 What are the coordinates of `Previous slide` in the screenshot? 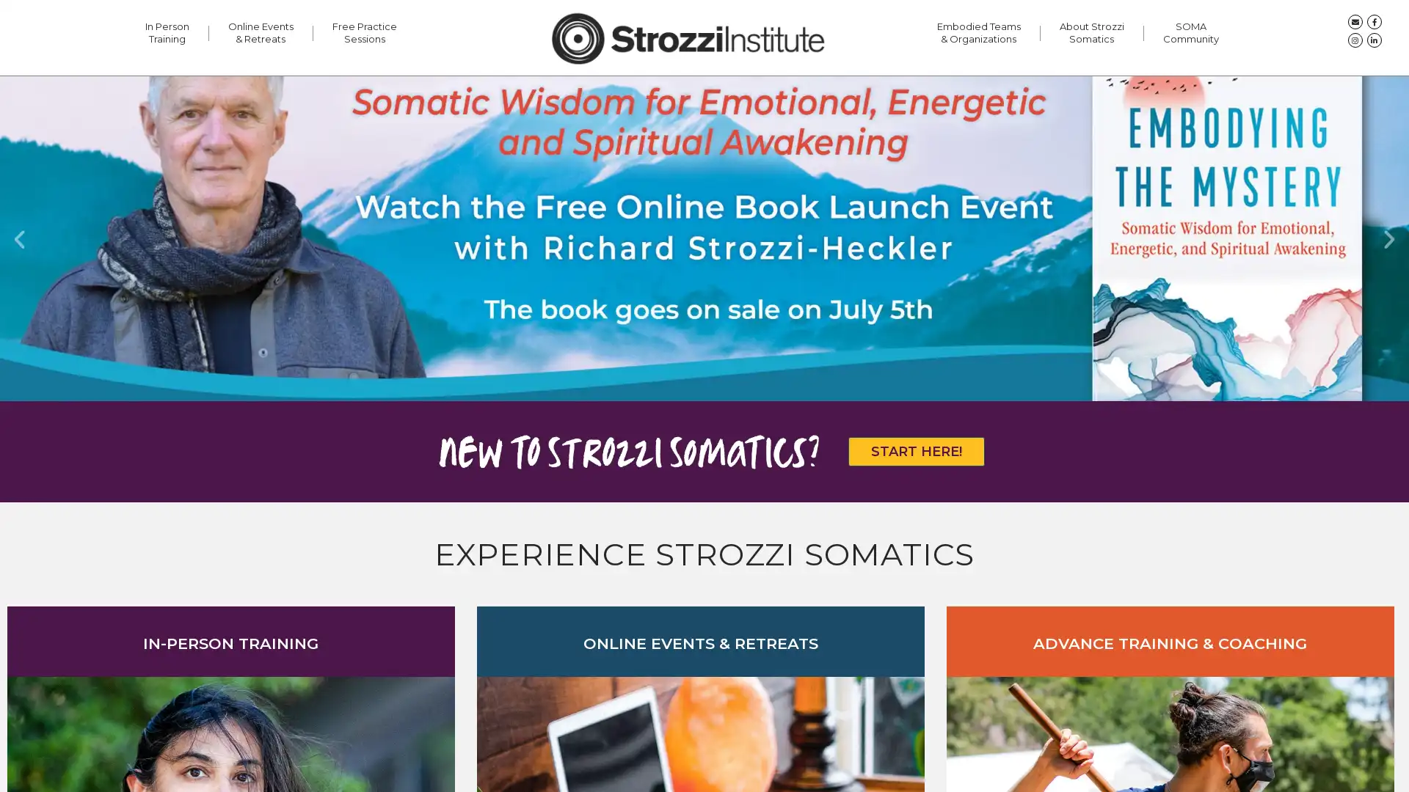 It's located at (19, 238).